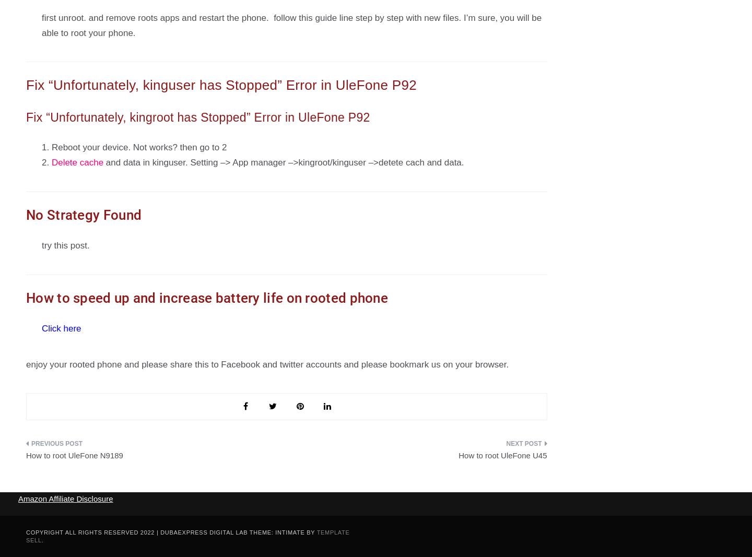  I want to click on 'first unroot. and remove roots apps and restart the phone.  follow this guide line step by step with new files. I’m sure, you will be able to root your phone.', so click(42, 25).